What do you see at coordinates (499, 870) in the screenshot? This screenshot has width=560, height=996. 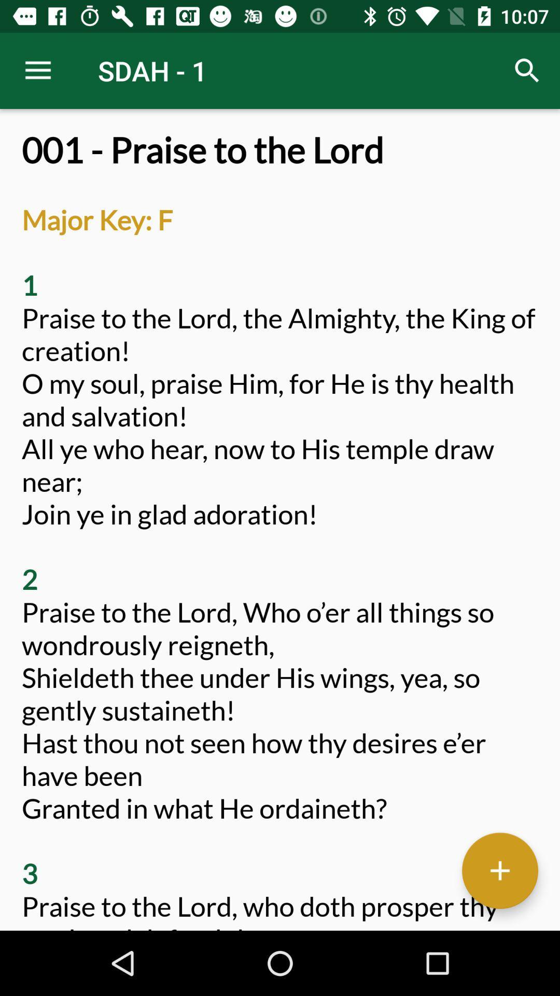 I see `text` at bounding box center [499, 870].